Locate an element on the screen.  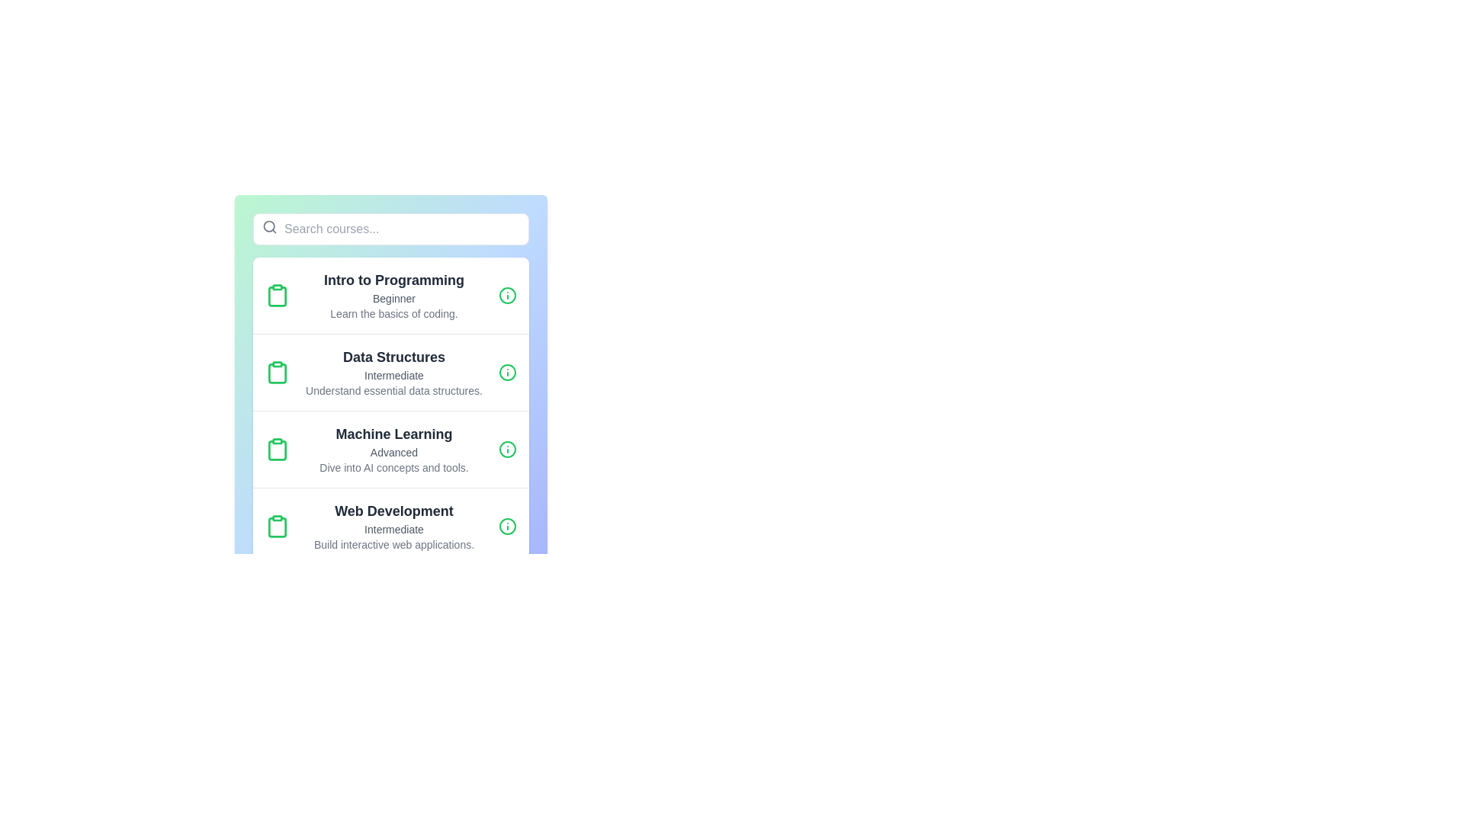
the clipboard icon next to the 'Machine Learning' course description is located at coordinates (278, 449).